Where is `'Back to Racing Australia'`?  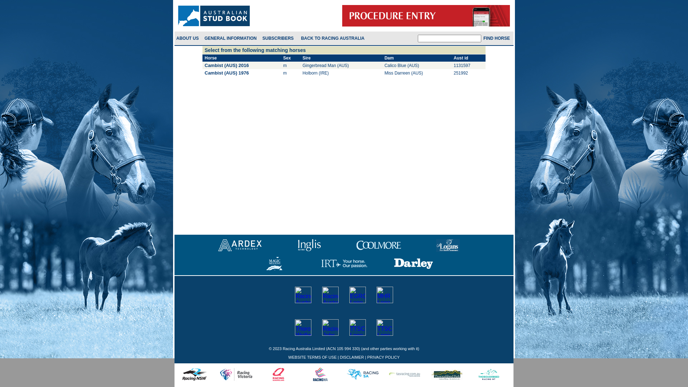 'Back to Racing Australia' is located at coordinates (333, 38).